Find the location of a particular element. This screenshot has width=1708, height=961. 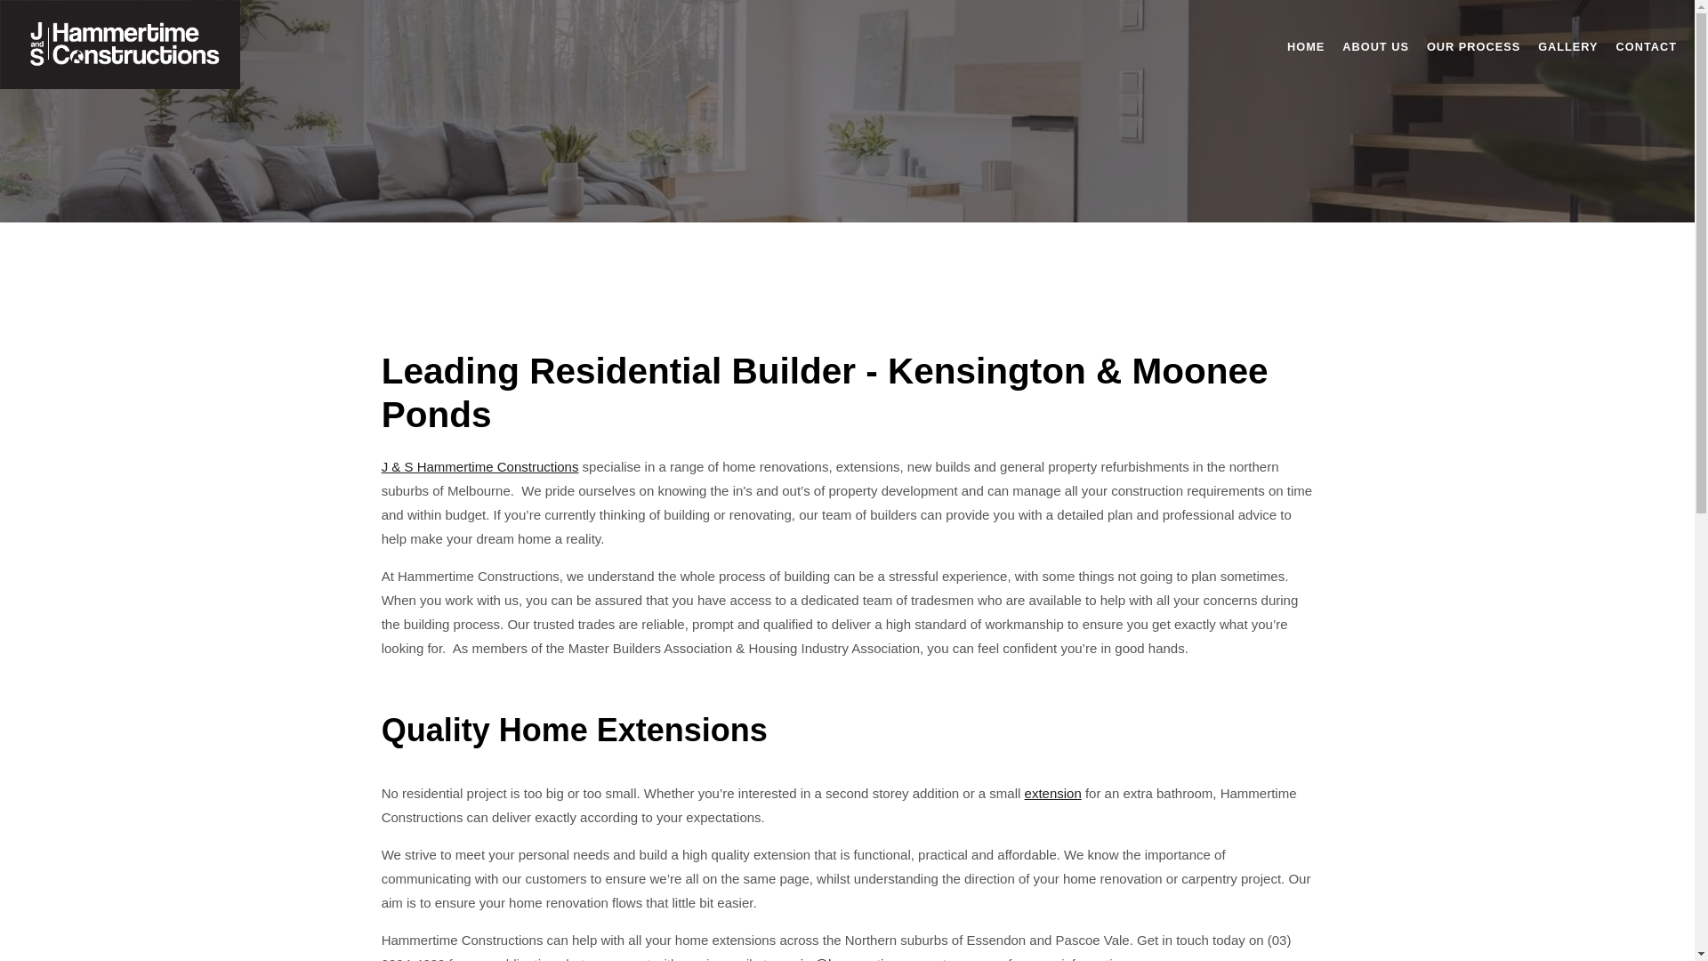

'ABOUT US' is located at coordinates (1374, 45).